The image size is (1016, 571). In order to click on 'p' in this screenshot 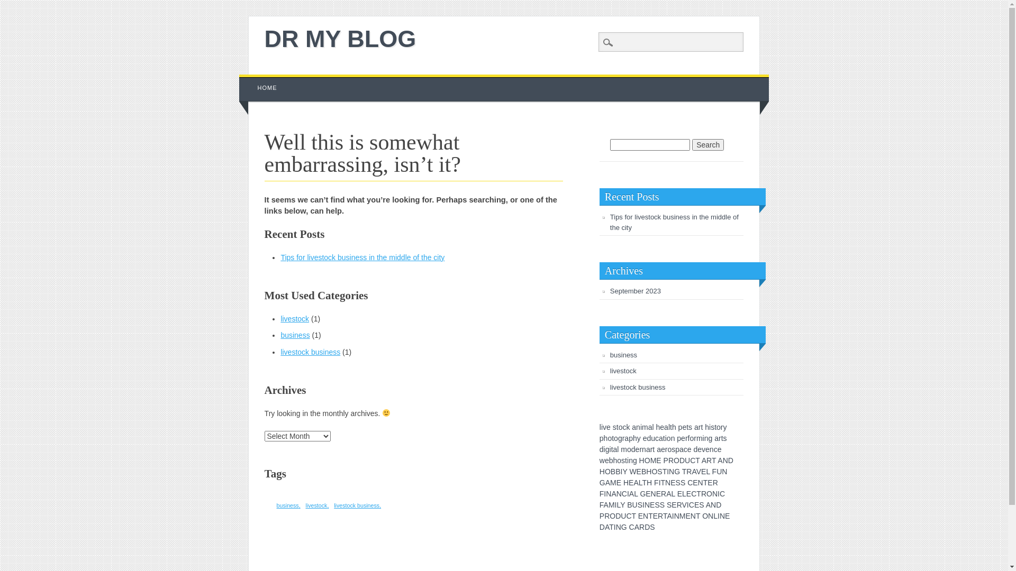, I will do `click(677, 449)`.